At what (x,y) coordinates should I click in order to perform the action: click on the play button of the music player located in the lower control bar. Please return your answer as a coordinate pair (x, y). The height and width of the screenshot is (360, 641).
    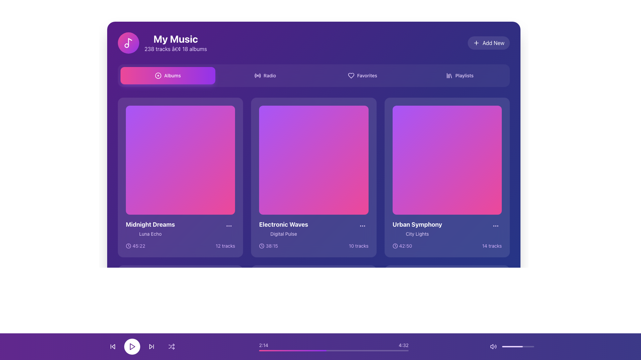
    Looking at the image, I should click on (447, 327).